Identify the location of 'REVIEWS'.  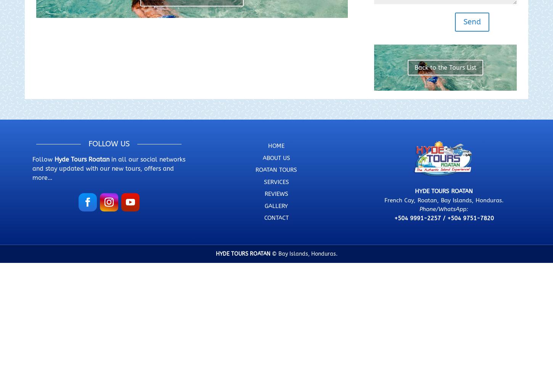
(275, 194).